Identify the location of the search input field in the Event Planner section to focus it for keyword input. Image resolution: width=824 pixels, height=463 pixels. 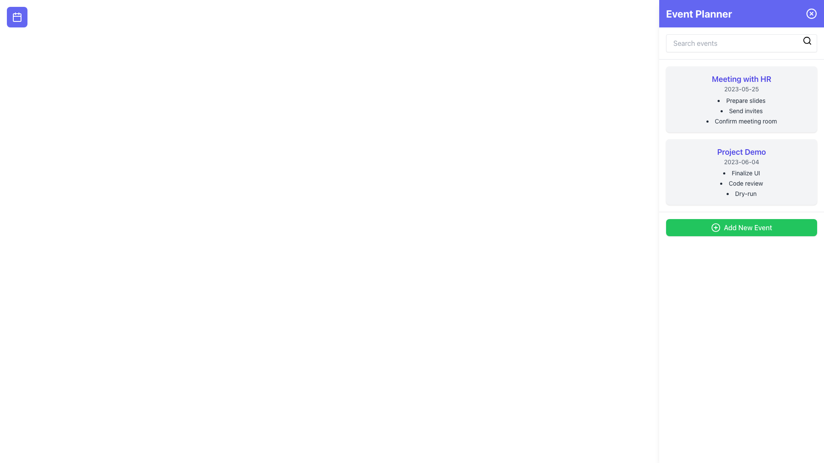
(741, 43).